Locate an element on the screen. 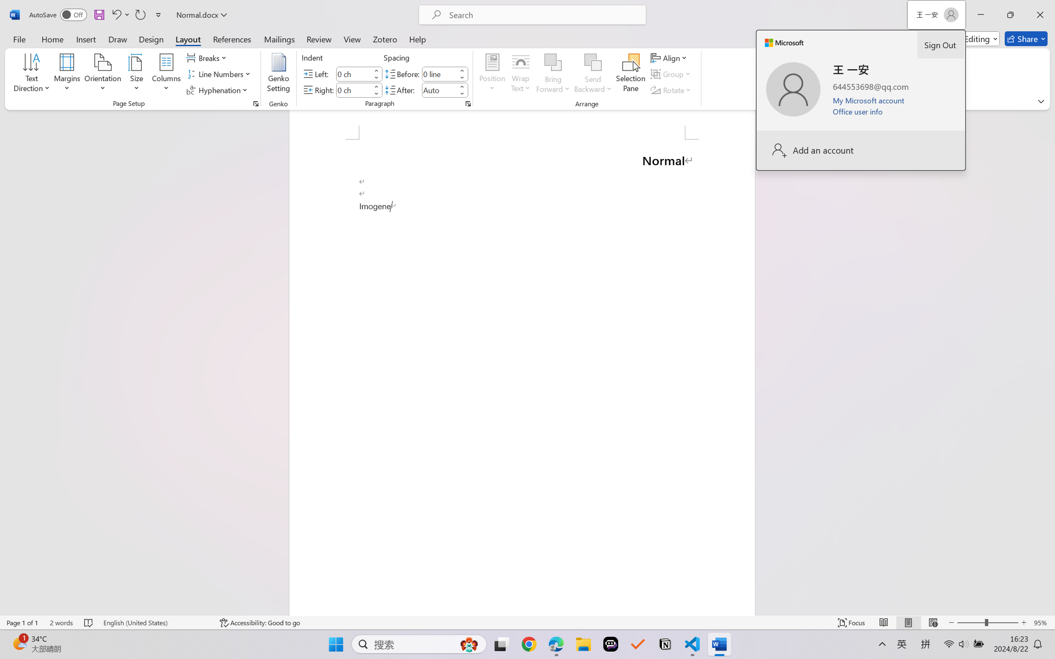  'Align' is located at coordinates (670, 57).